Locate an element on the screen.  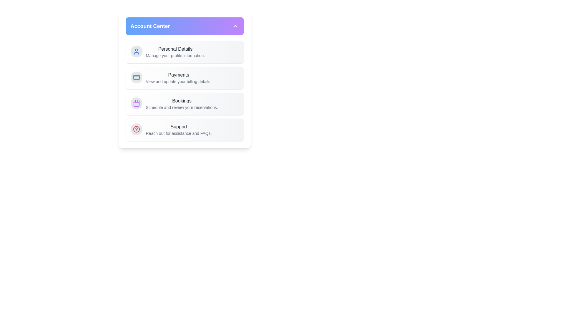
the 'Personal Details' menu item to navigate to the respective section is located at coordinates (184, 52).